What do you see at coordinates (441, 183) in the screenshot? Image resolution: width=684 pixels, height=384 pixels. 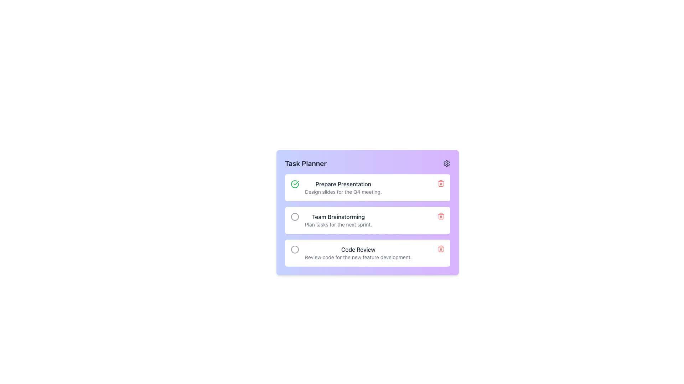 I see `the delete icon located at the far right of the 'Prepare Presentation' task card` at bounding box center [441, 183].